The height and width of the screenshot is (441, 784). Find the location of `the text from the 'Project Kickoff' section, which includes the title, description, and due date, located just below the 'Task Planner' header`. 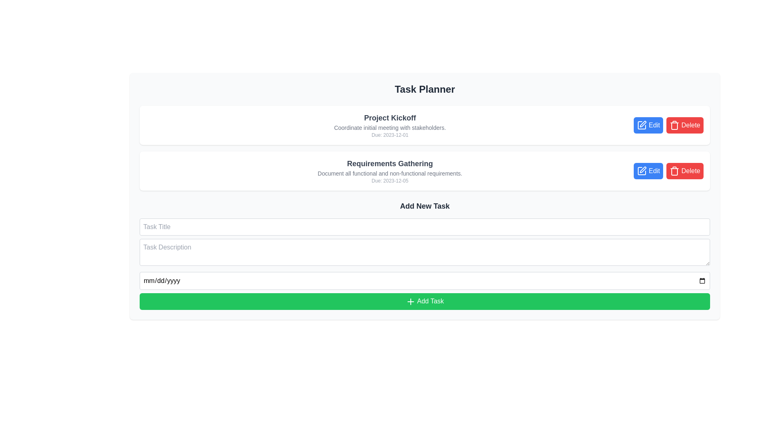

the text from the 'Project Kickoff' section, which includes the title, description, and due date, located just below the 'Task Planner' header is located at coordinates (390, 125).